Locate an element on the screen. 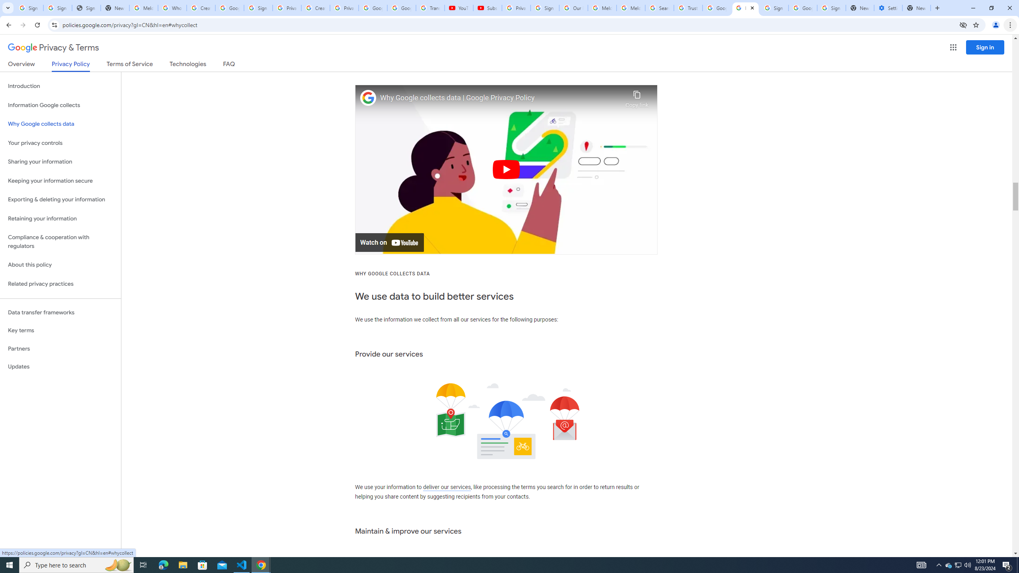 This screenshot has width=1019, height=573. 'Subscriptions - YouTube' is located at coordinates (487, 8).